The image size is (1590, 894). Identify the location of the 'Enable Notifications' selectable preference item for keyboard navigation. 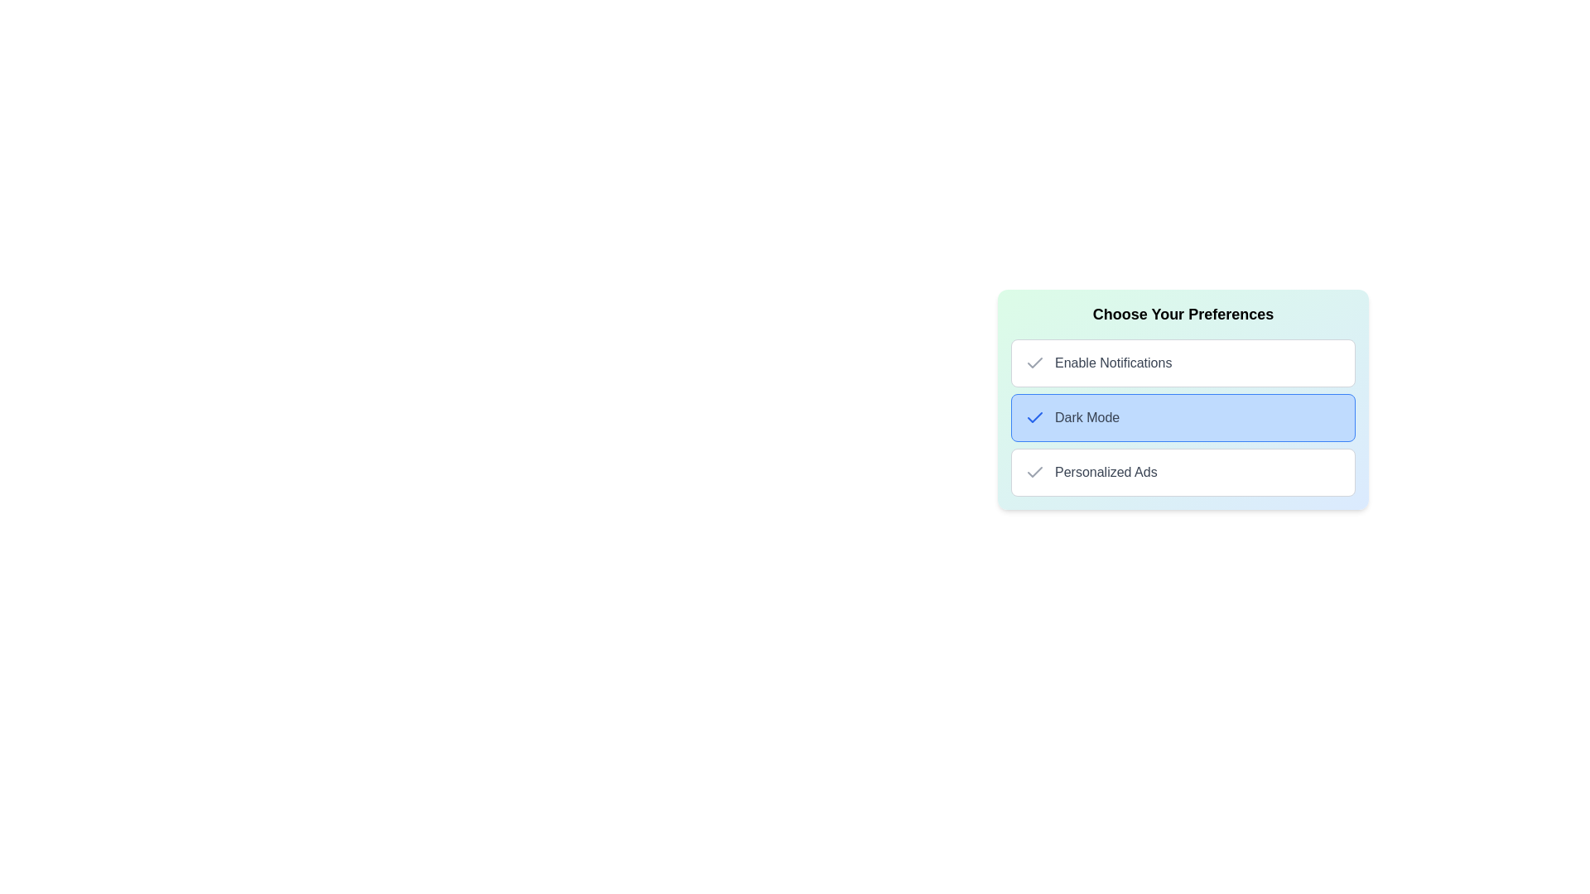
(1183, 363).